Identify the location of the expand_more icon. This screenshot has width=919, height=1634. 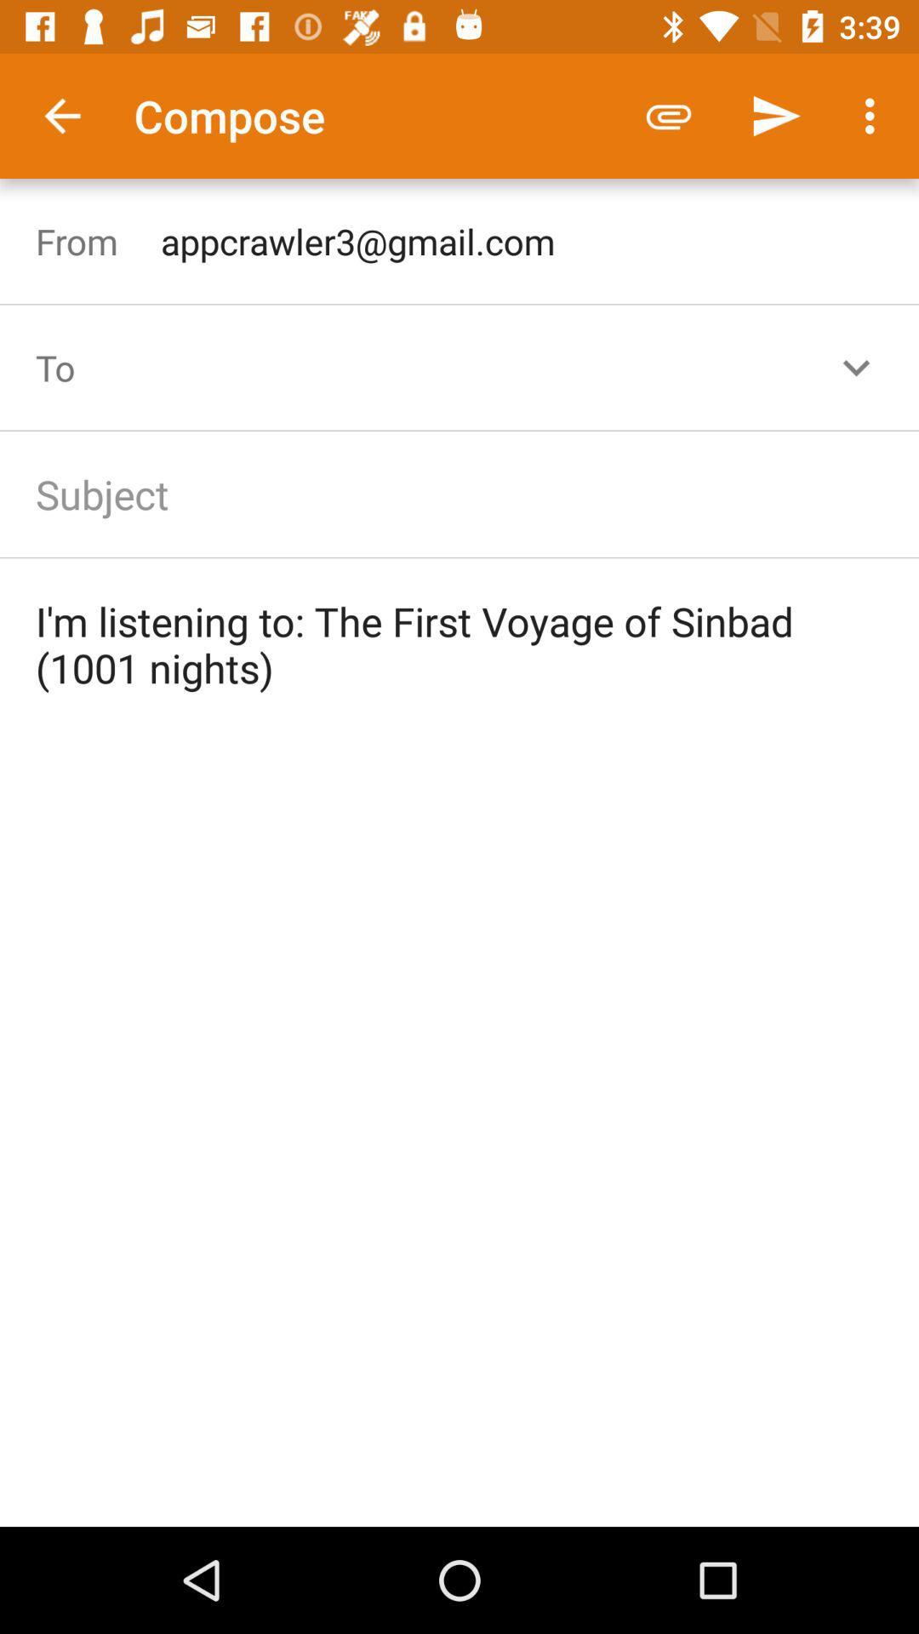
(856, 367).